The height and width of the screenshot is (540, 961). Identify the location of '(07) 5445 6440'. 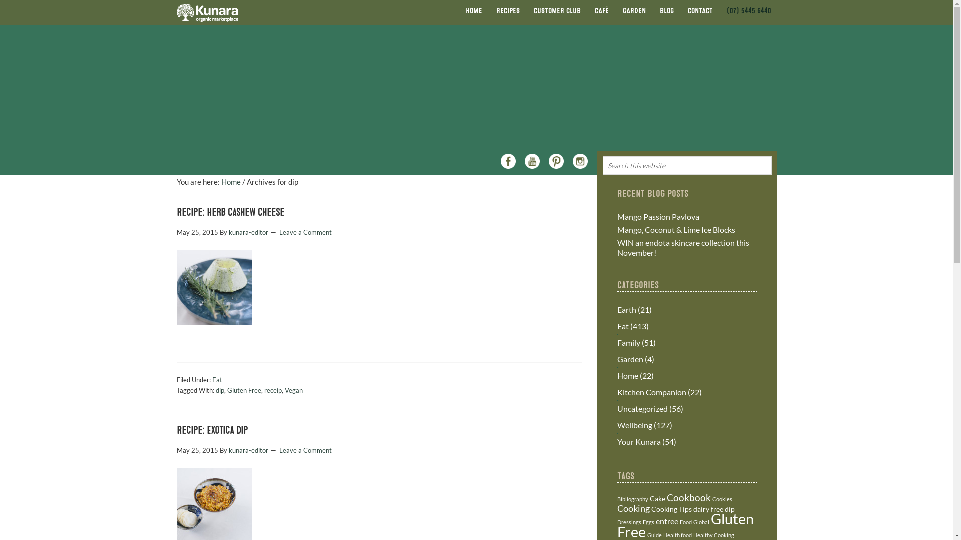
(749, 11).